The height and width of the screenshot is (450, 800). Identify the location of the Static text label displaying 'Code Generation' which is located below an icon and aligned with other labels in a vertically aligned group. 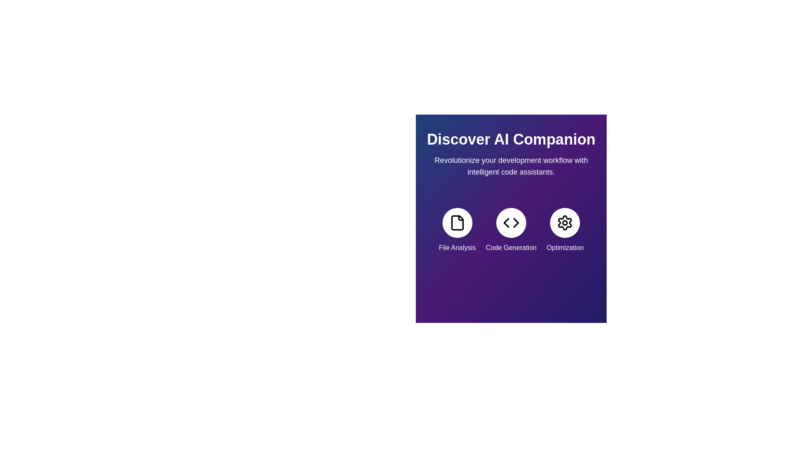
(511, 247).